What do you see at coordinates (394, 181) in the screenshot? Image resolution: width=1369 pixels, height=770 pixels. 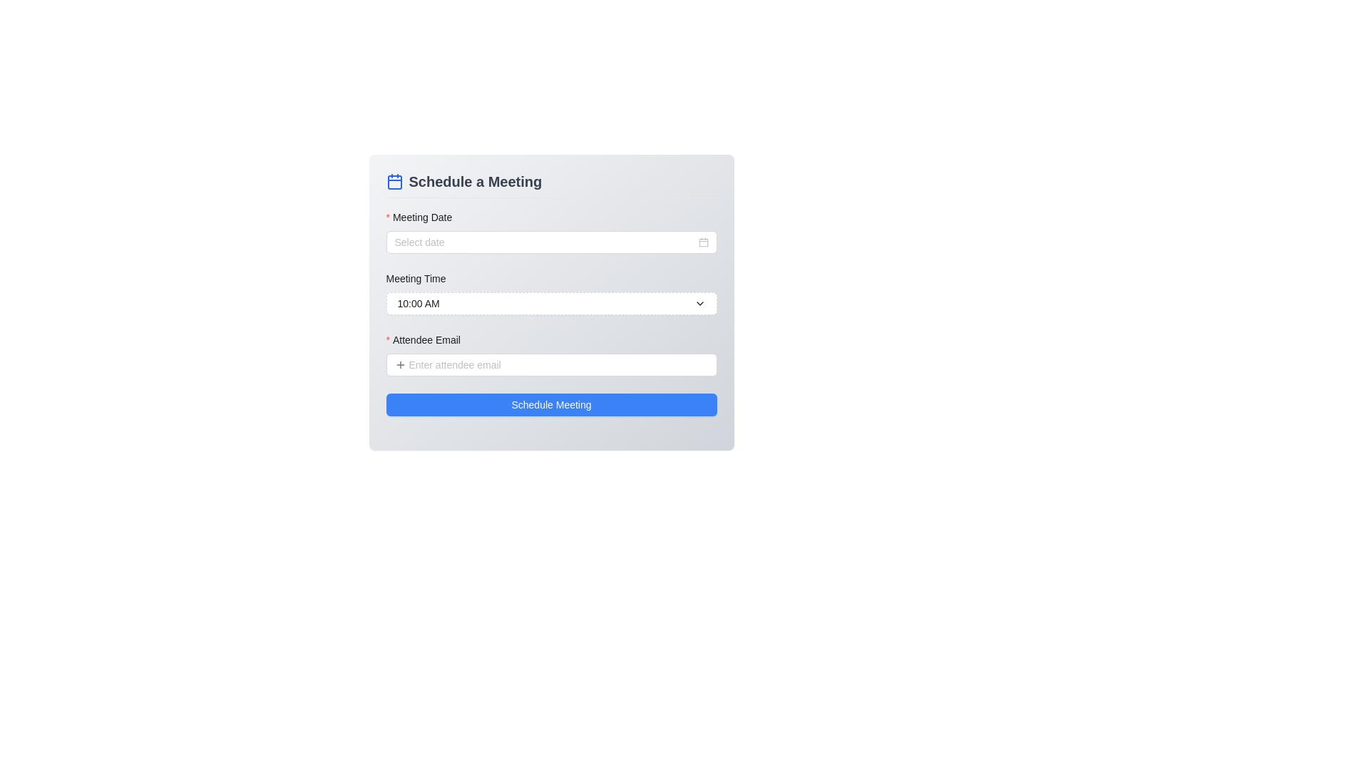 I see `the decorative SVG rectangle with rounded corners, which is part of the calendar icon located to the left of the 'Schedule a Meeting' heading` at bounding box center [394, 181].